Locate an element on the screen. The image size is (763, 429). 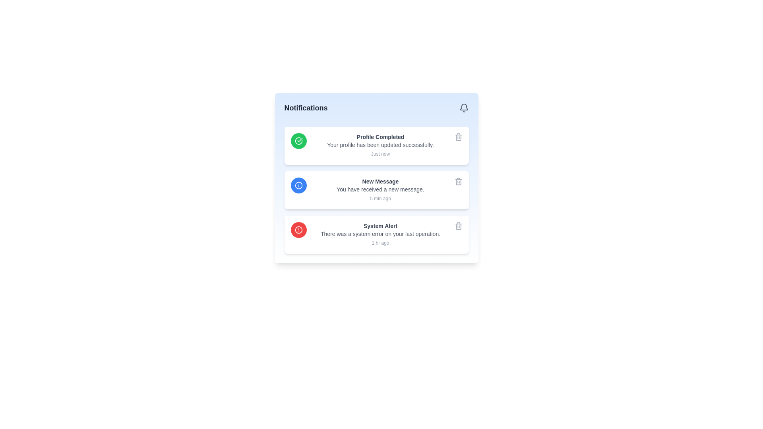
the information icon with a blue background and white 'i' symbol located in the center of the second notification item titled 'New Message' is located at coordinates (298, 185).